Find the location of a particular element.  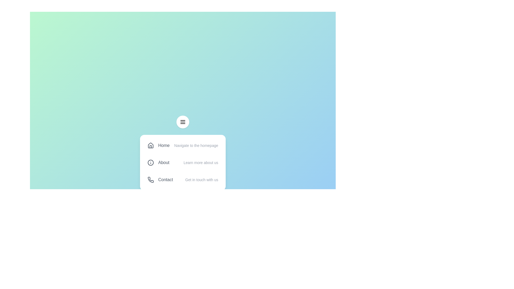

the menu item Contact is located at coordinates (183, 180).